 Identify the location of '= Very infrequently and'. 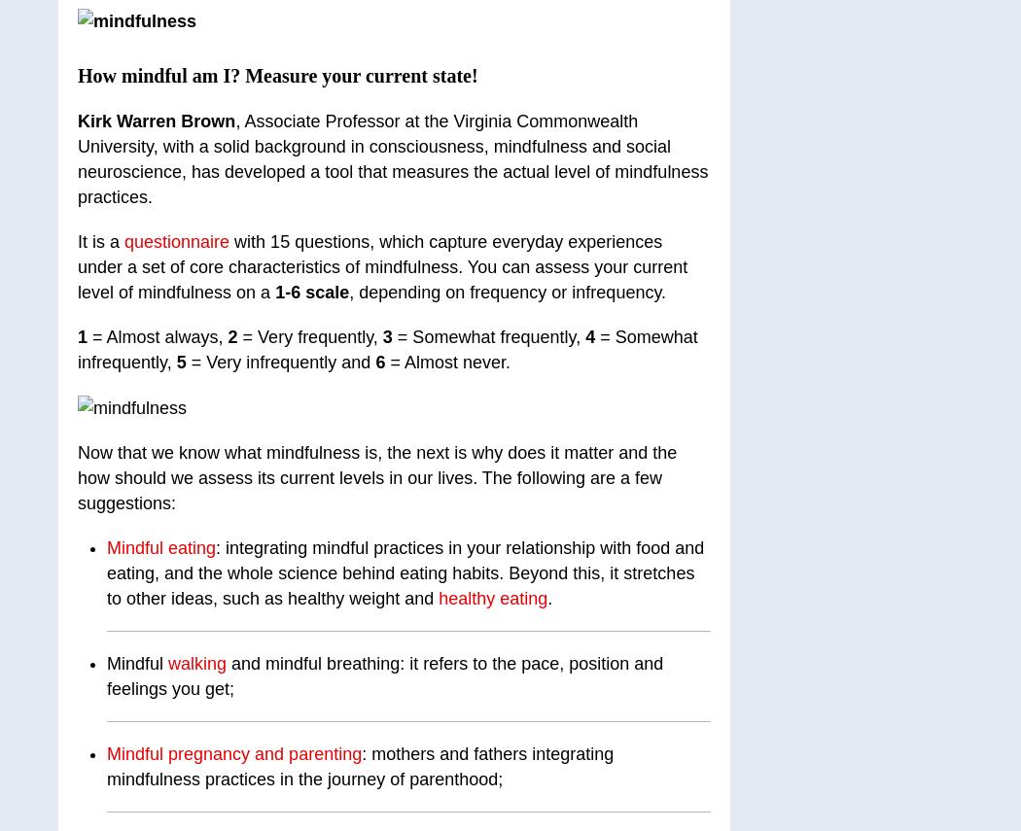
(279, 361).